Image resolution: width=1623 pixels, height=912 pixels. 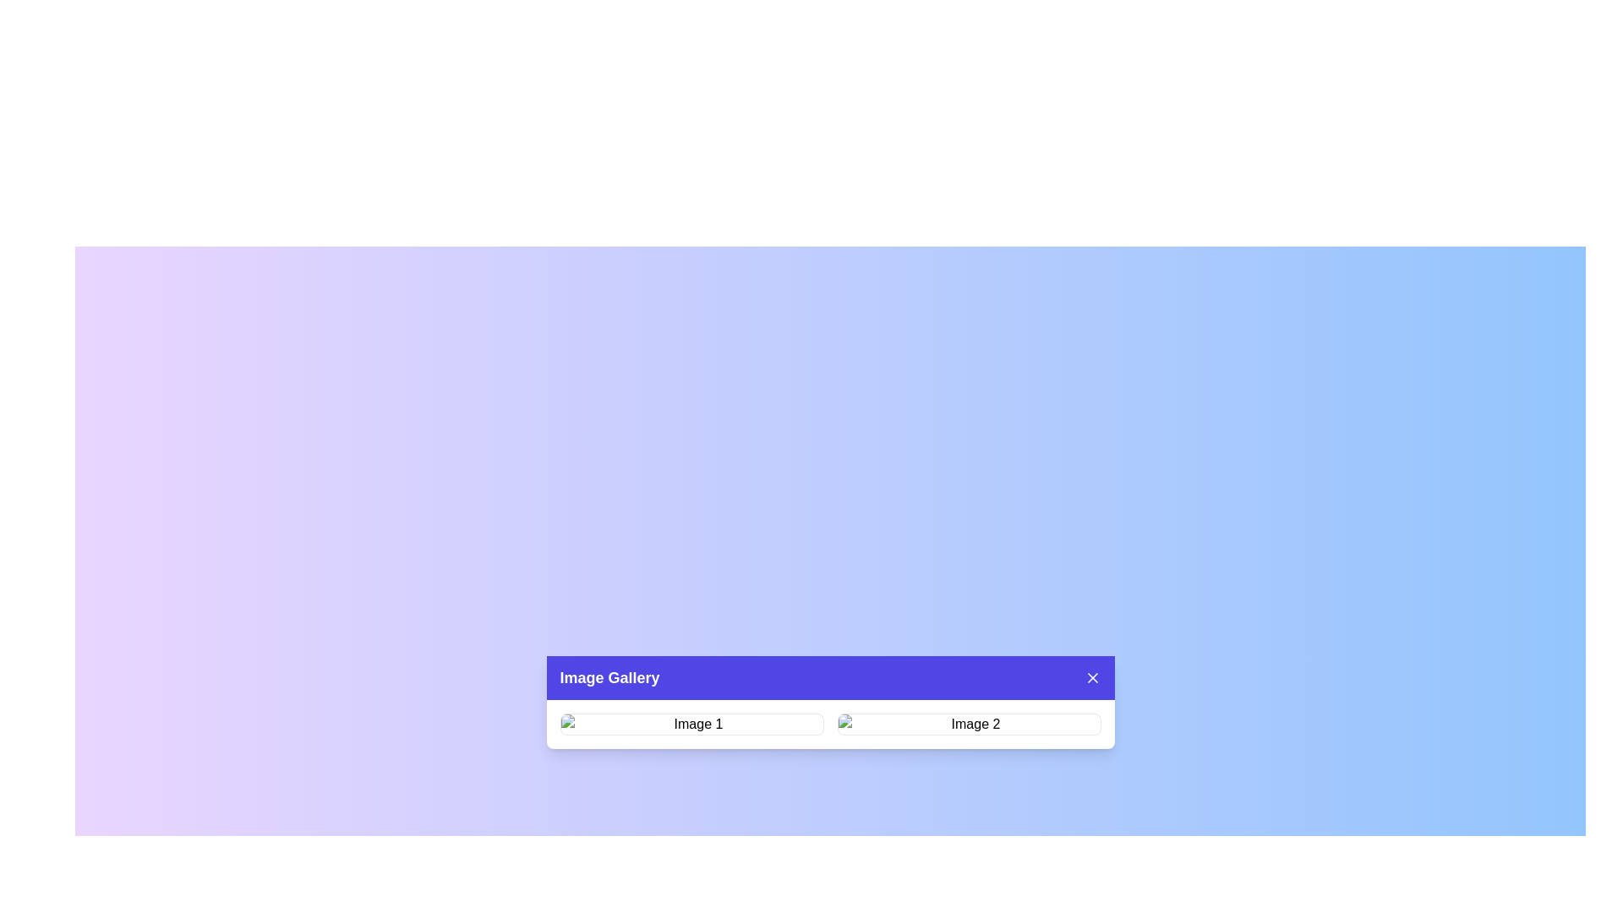 I want to click on the modal to focus and inspect its visual feedback, so click(x=830, y=703).